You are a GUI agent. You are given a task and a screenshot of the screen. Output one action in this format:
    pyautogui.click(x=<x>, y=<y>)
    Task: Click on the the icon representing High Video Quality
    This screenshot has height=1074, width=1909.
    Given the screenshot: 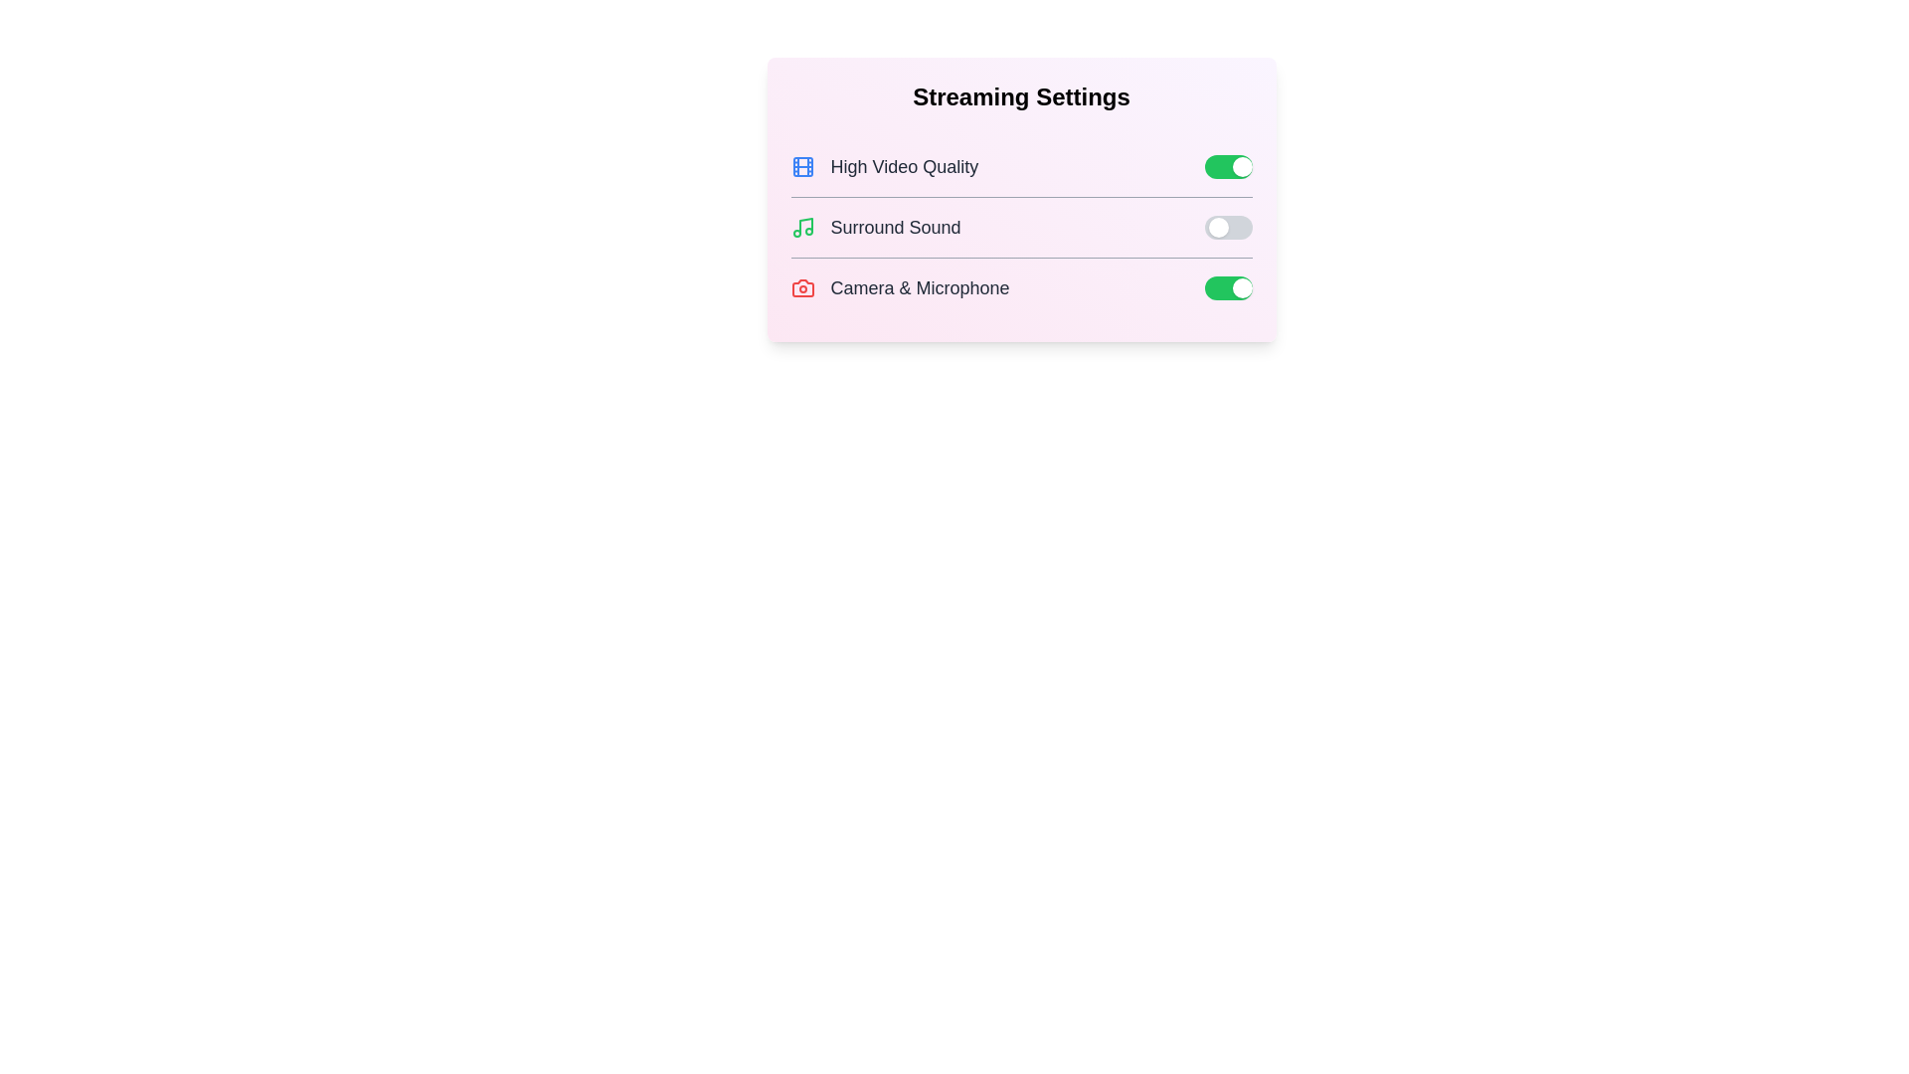 What is the action you would take?
    pyautogui.click(x=802, y=166)
    